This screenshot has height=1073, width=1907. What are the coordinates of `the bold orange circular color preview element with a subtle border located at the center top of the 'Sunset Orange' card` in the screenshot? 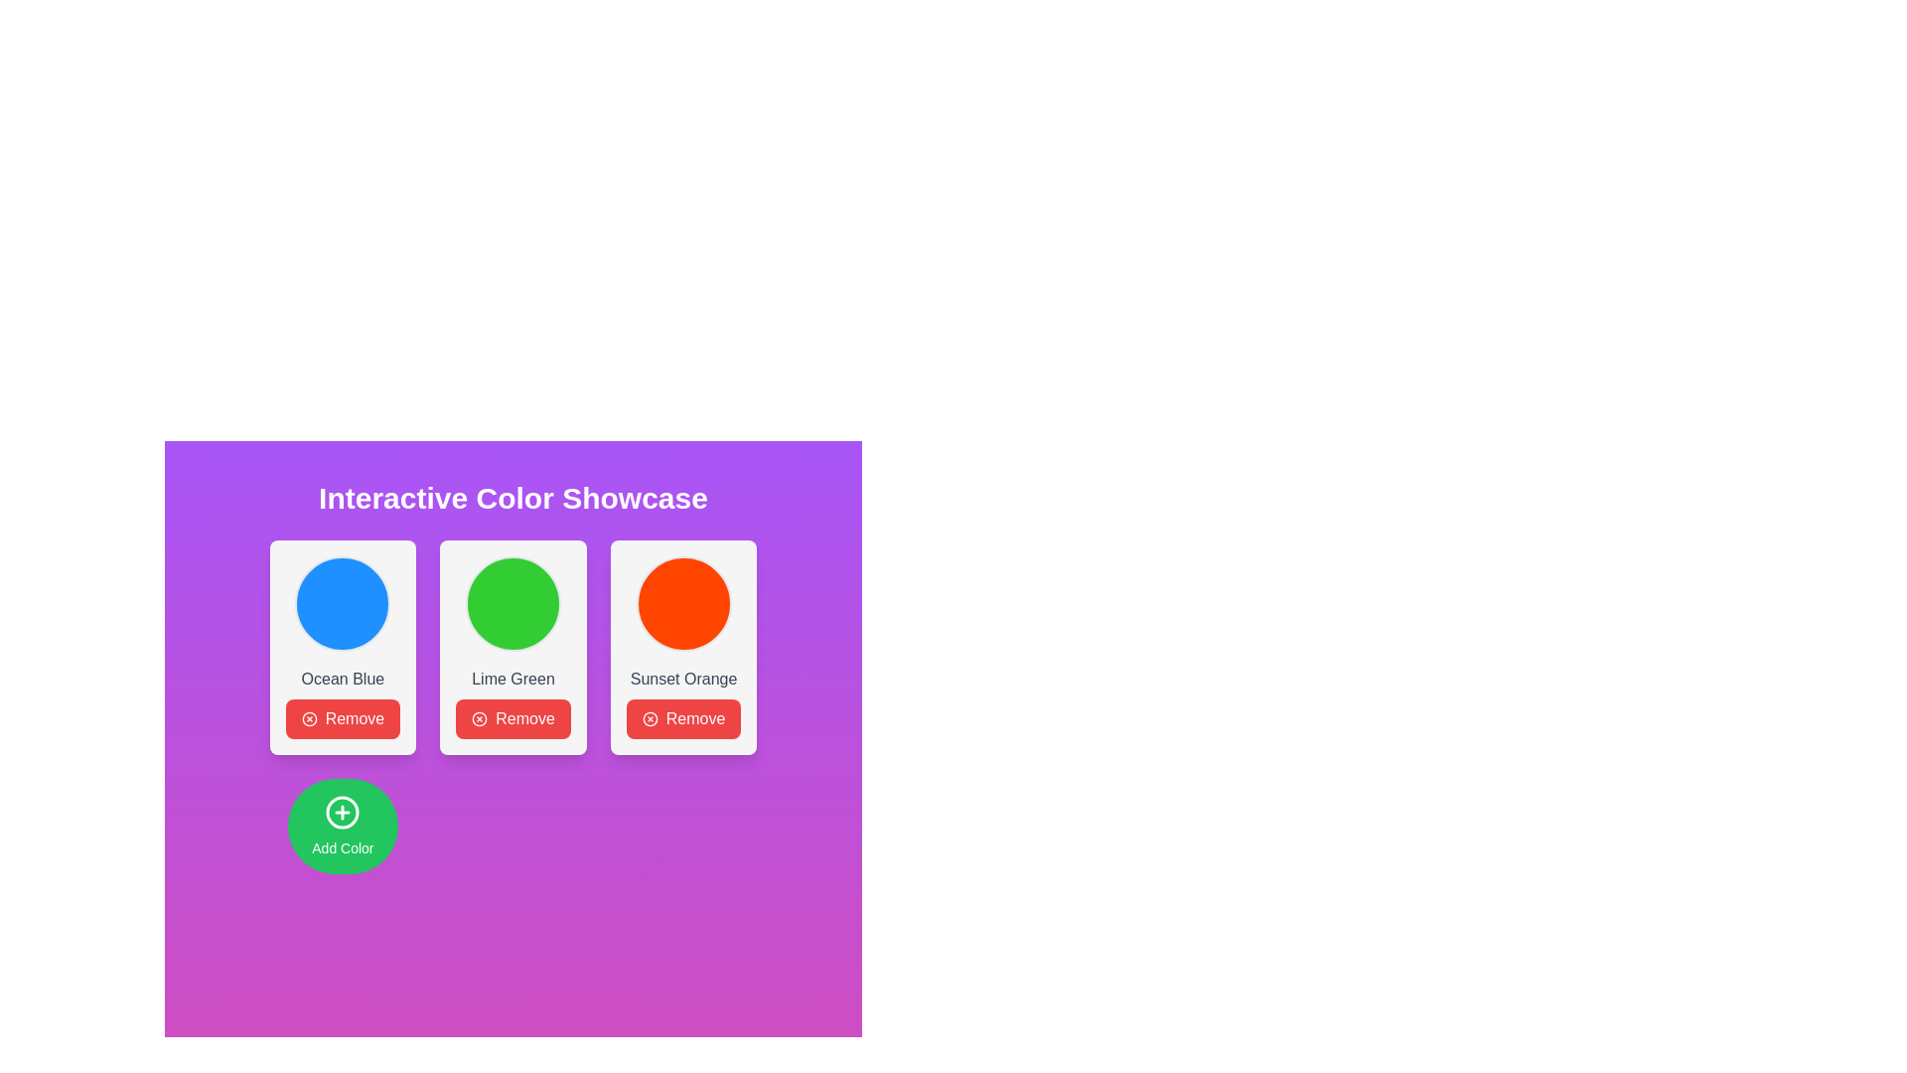 It's located at (683, 603).